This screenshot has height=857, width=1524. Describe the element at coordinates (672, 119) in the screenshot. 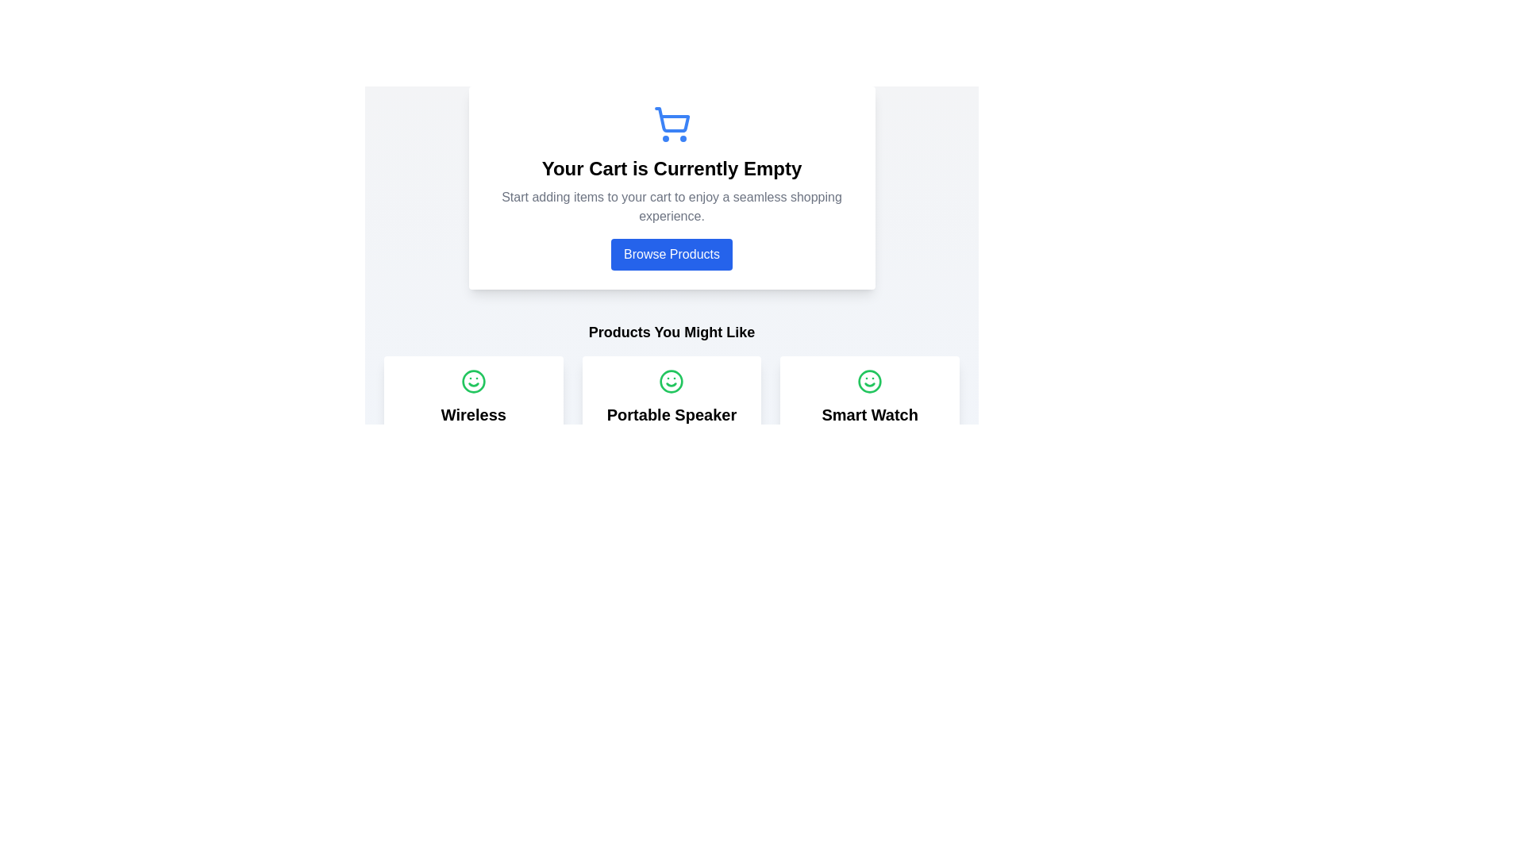

I see `the shopping cart icon component, which is a simple outline representation associated with online shopping, located above the text 'Your Cart is Currently Empty'` at that location.